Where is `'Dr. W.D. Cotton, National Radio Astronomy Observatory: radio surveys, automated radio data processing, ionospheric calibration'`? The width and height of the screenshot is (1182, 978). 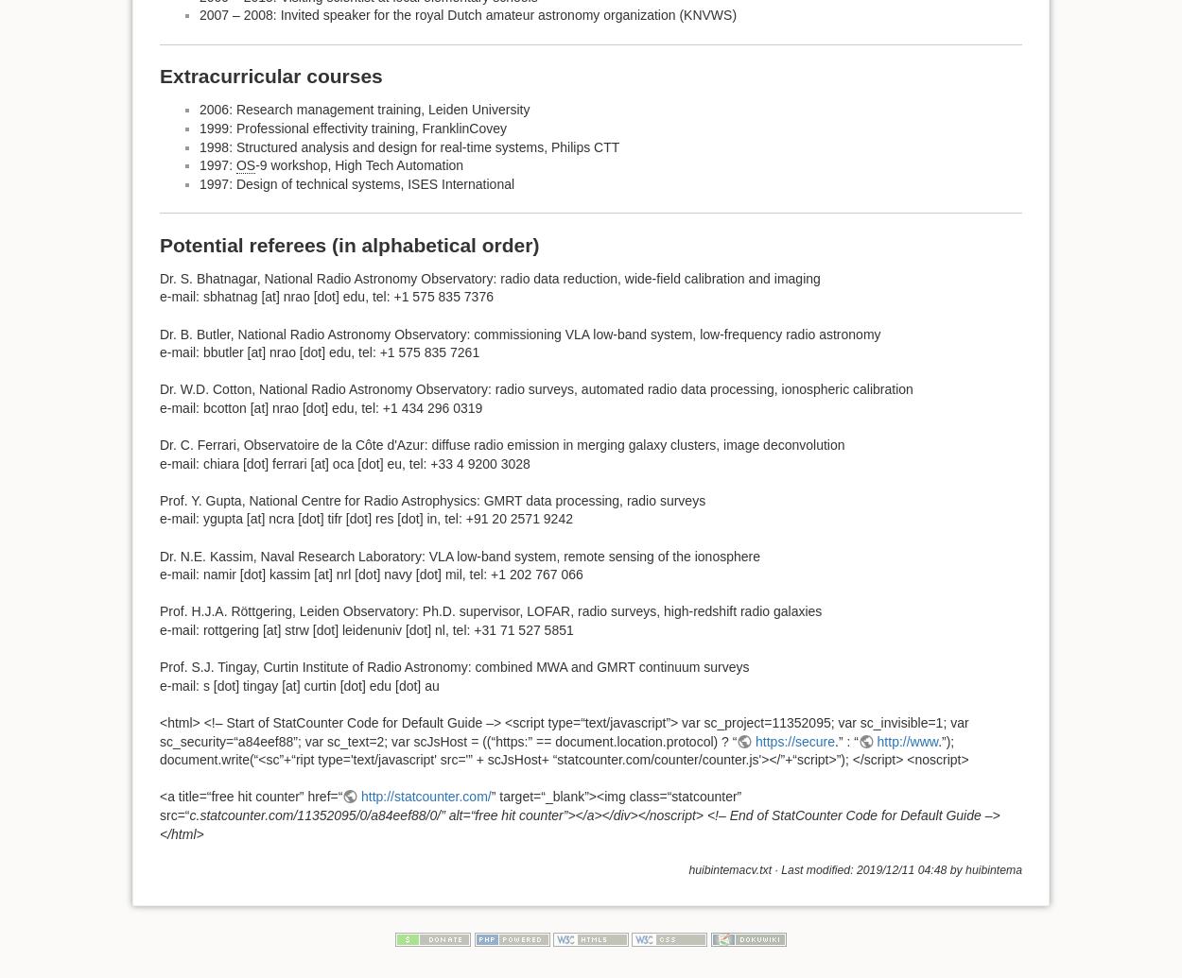
'Dr. W.D. Cotton, National Radio Astronomy Observatory: radio surveys, automated radio data processing, ionospheric calibration' is located at coordinates (159, 389).